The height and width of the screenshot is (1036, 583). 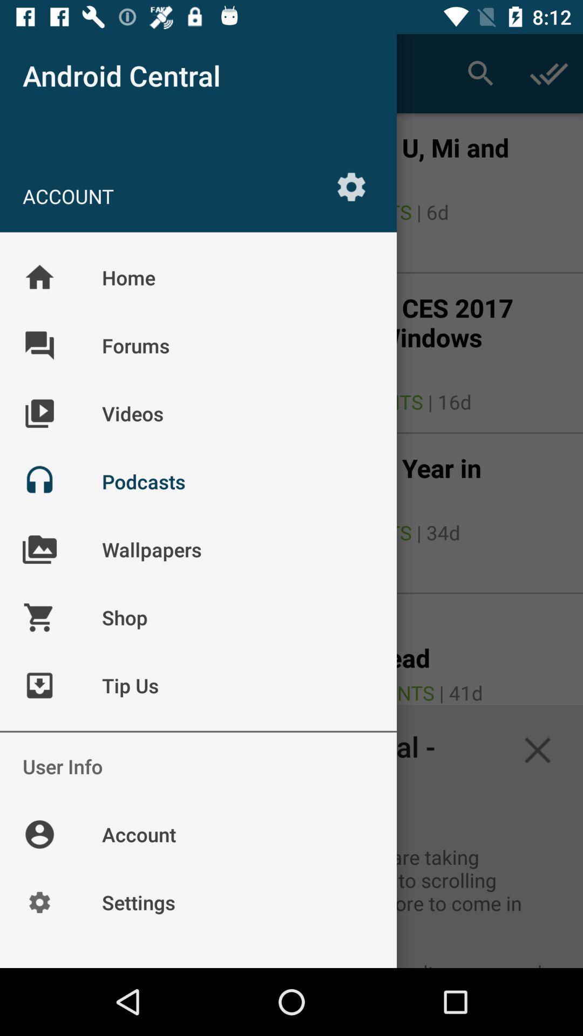 What do you see at coordinates (537, 749) in the screenshot?
I see `the close icon` at bounding box center [537, 749].